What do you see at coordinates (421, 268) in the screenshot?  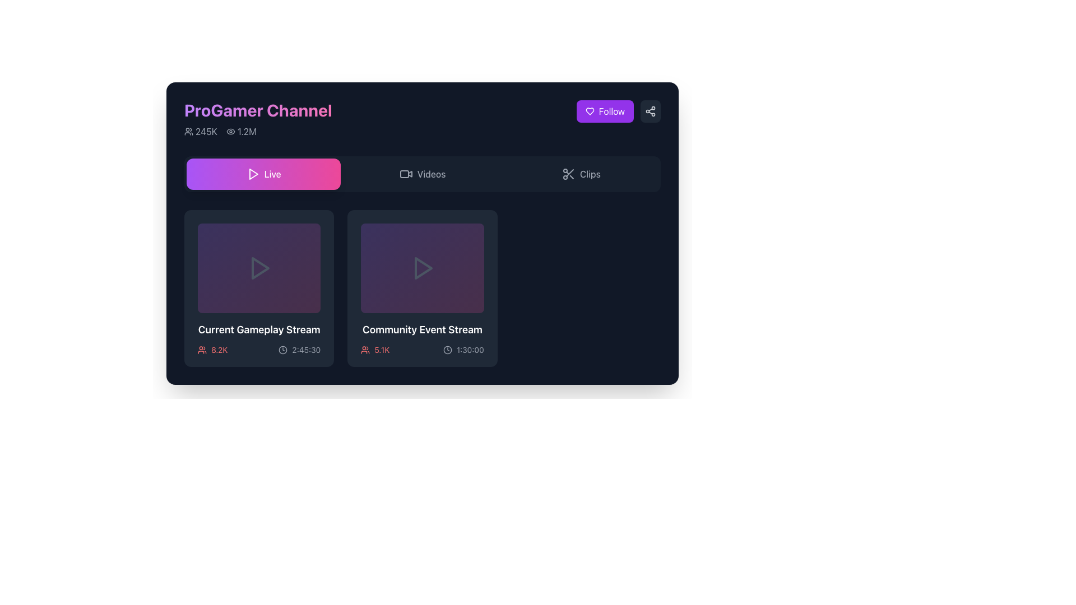 I see `the play button icon located in the second card of the horizontal video list` at bounding box center [421, 268].